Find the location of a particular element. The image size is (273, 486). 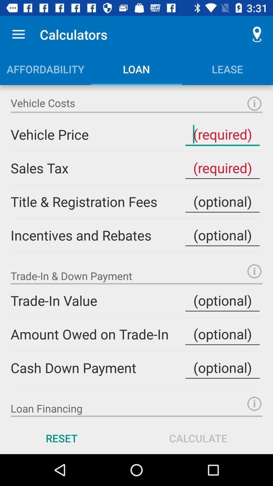

optional camp is located at coordinates (222, 235).